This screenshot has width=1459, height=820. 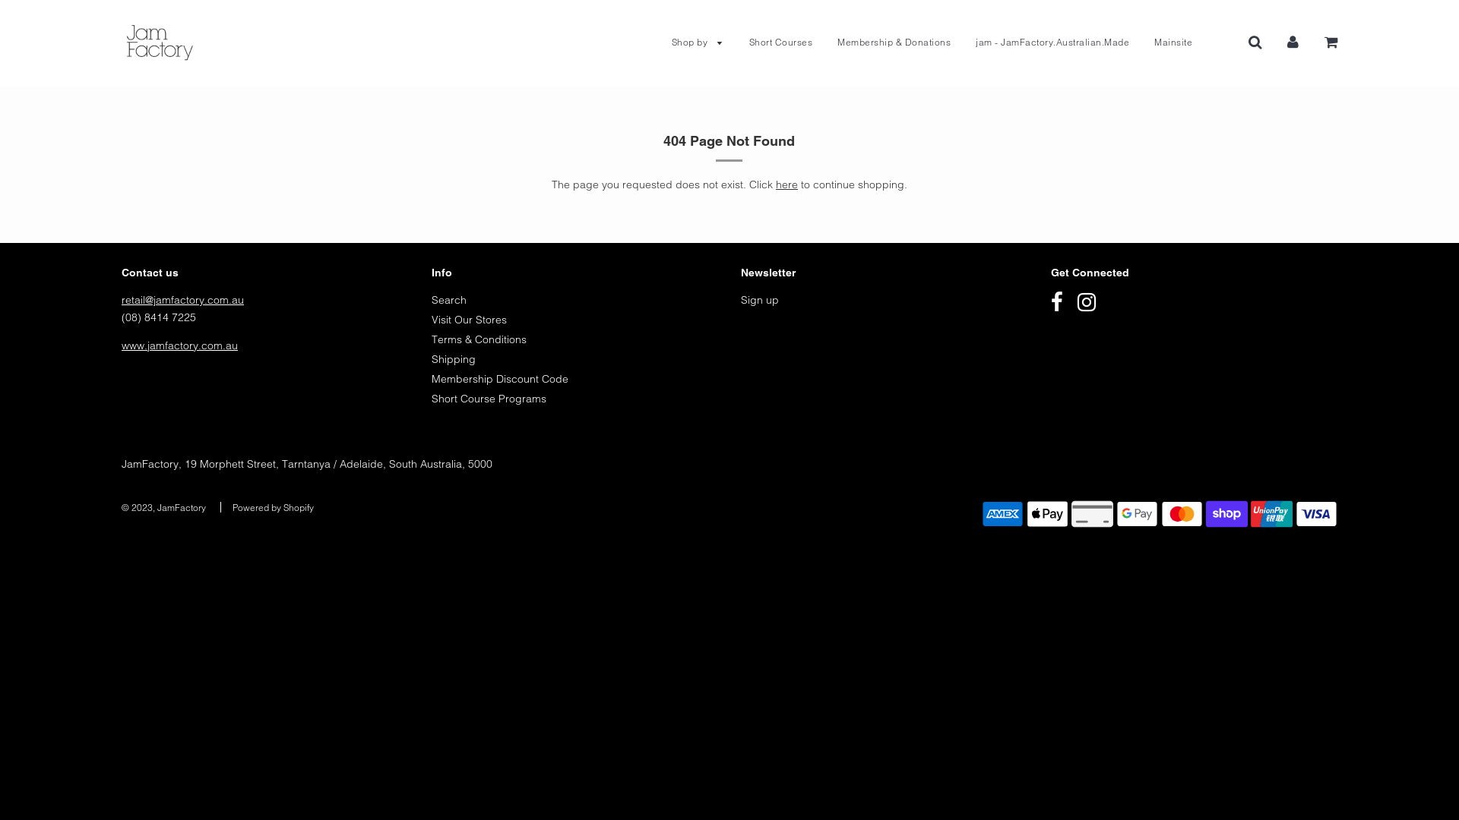 I want to click on 'retail@jamfactory.com.au', so click(x=182, y=299).